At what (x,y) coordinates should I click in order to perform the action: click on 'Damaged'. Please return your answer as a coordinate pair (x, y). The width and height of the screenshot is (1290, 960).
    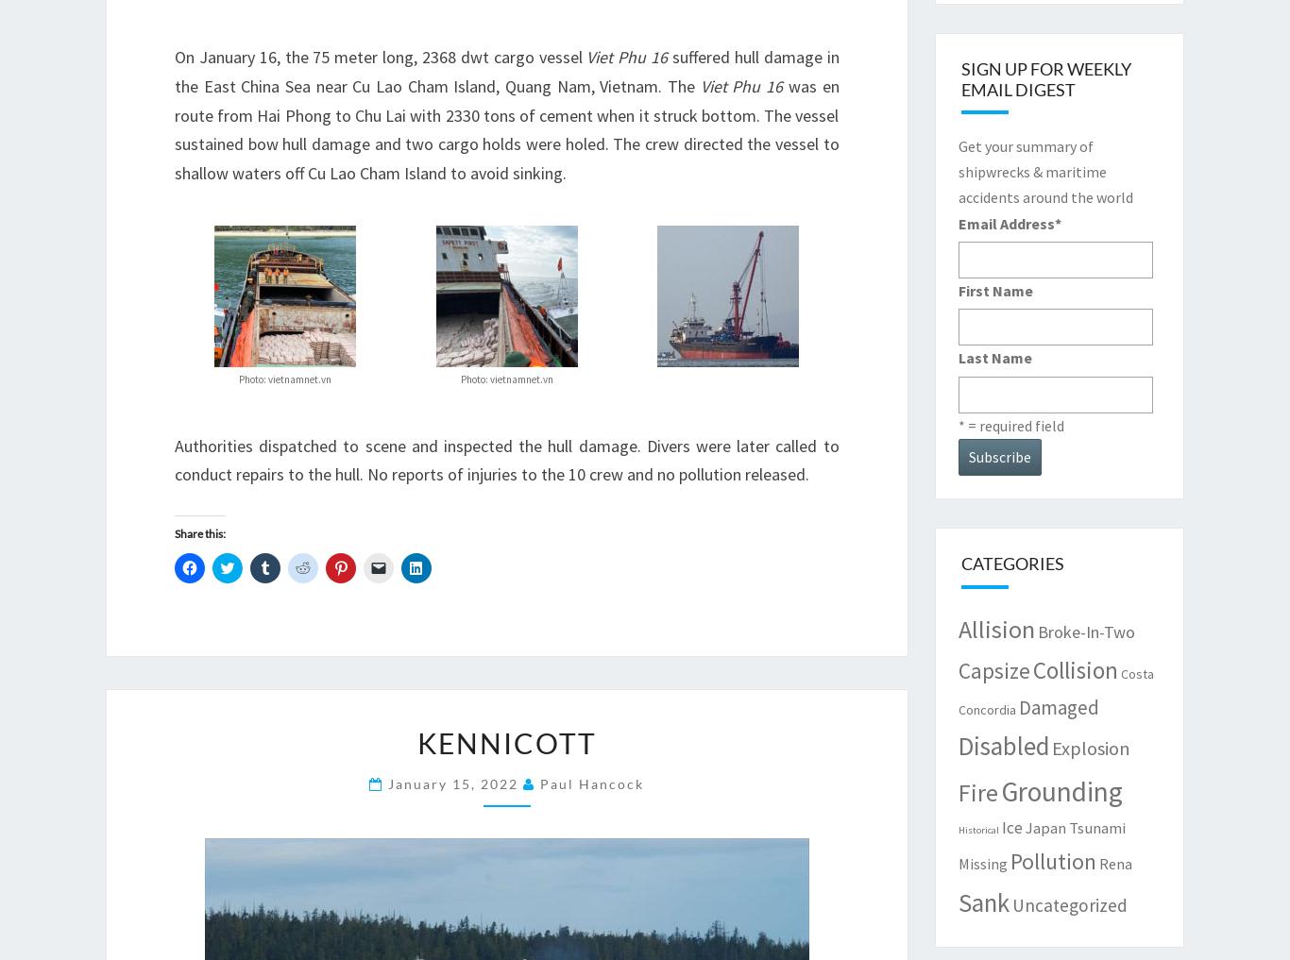
    Looking at the image, I should click on (1057, 707).